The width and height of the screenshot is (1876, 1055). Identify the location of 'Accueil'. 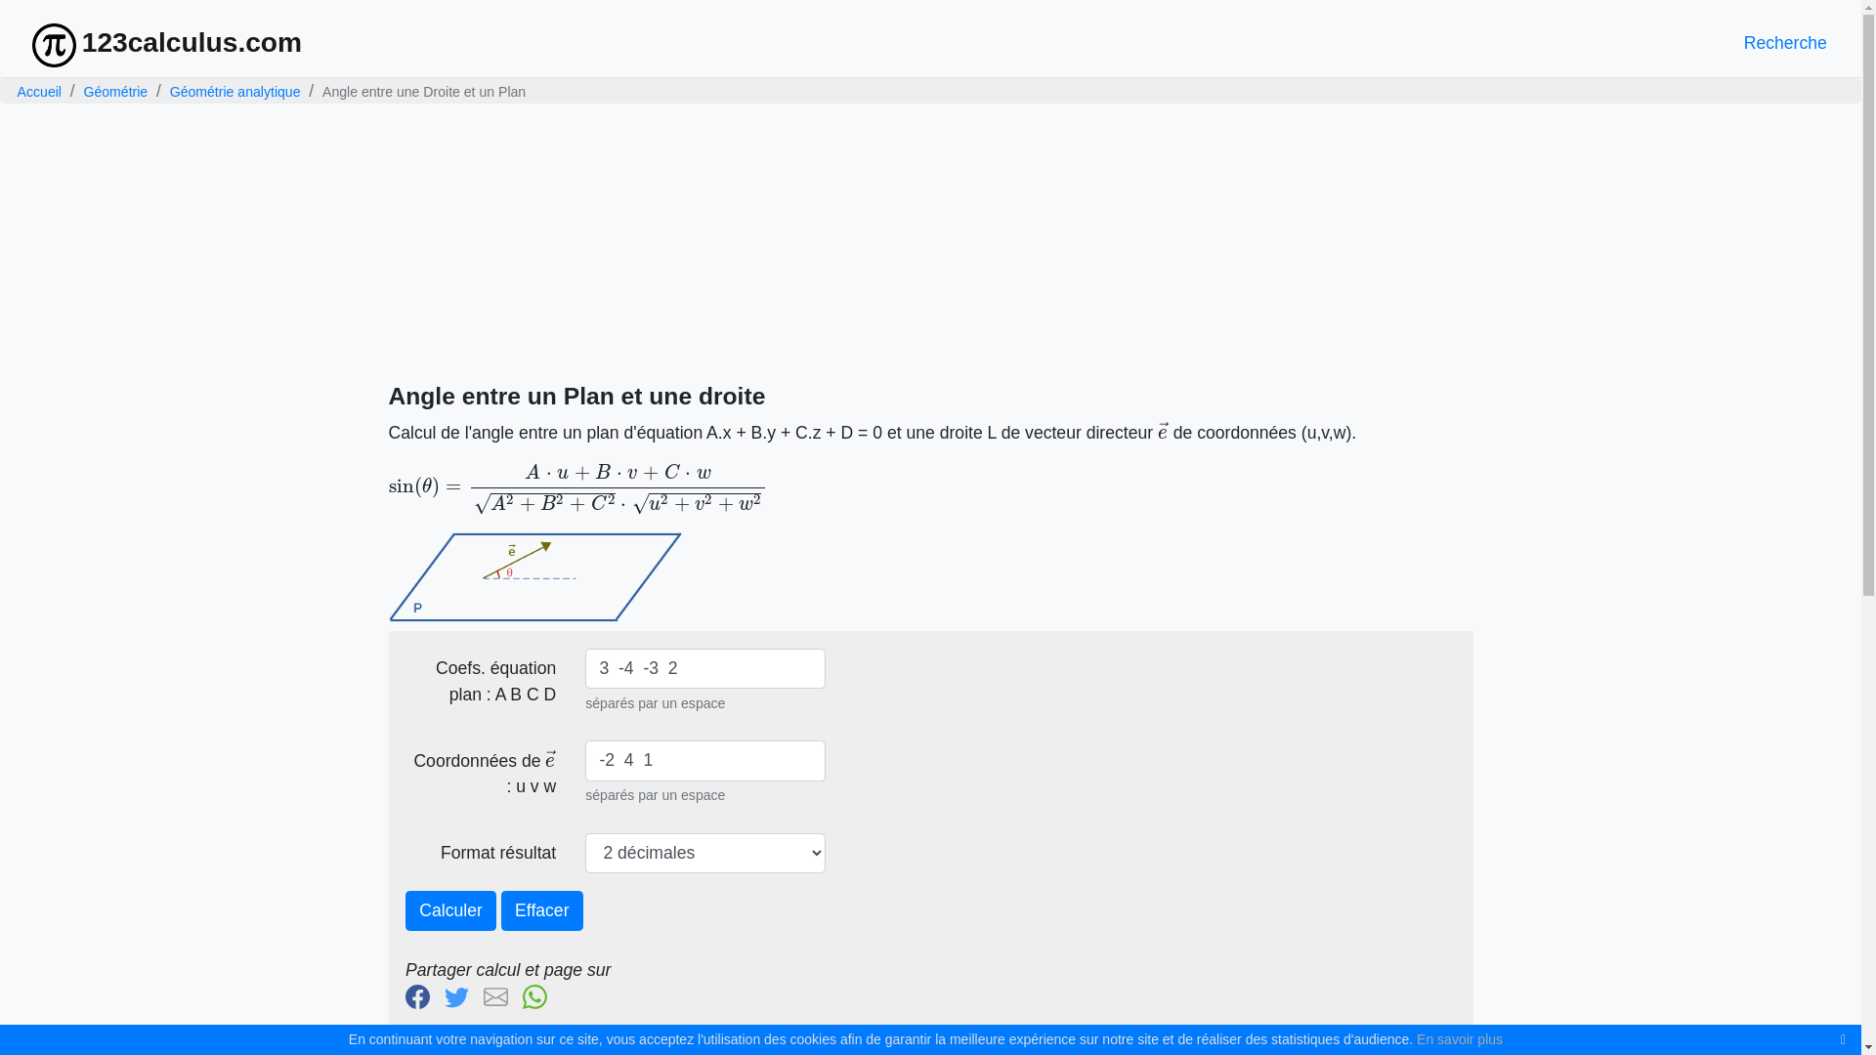
(18, 90).